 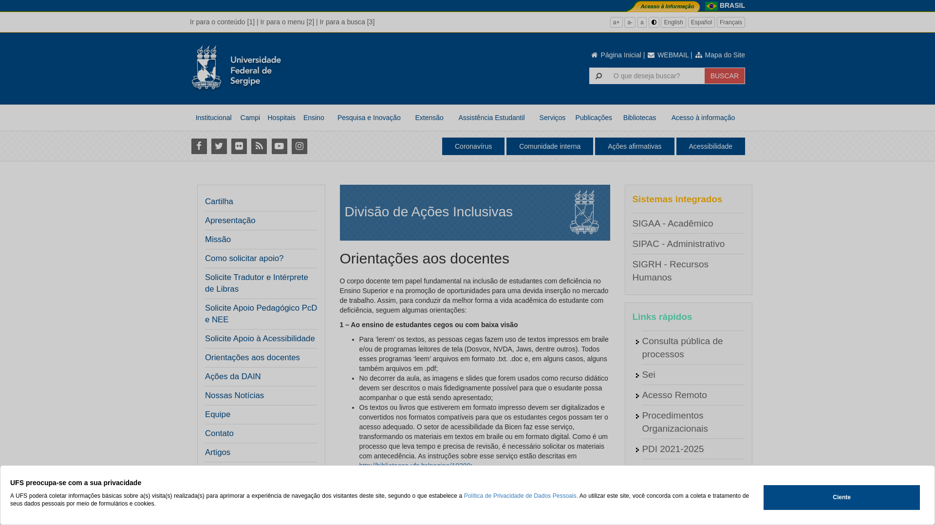 What do you see at coordinates (299, 117) in the screenshot?
I see `'Ensino'` at bounding box center [299, 117].